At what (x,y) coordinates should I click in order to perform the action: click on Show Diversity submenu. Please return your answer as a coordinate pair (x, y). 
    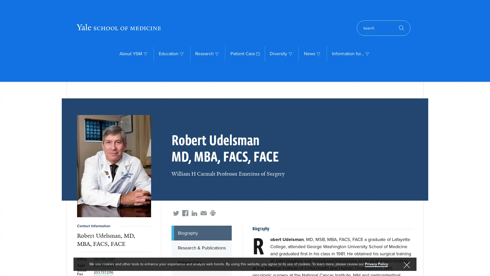
    Looking at the image, I should click on (290, 53).